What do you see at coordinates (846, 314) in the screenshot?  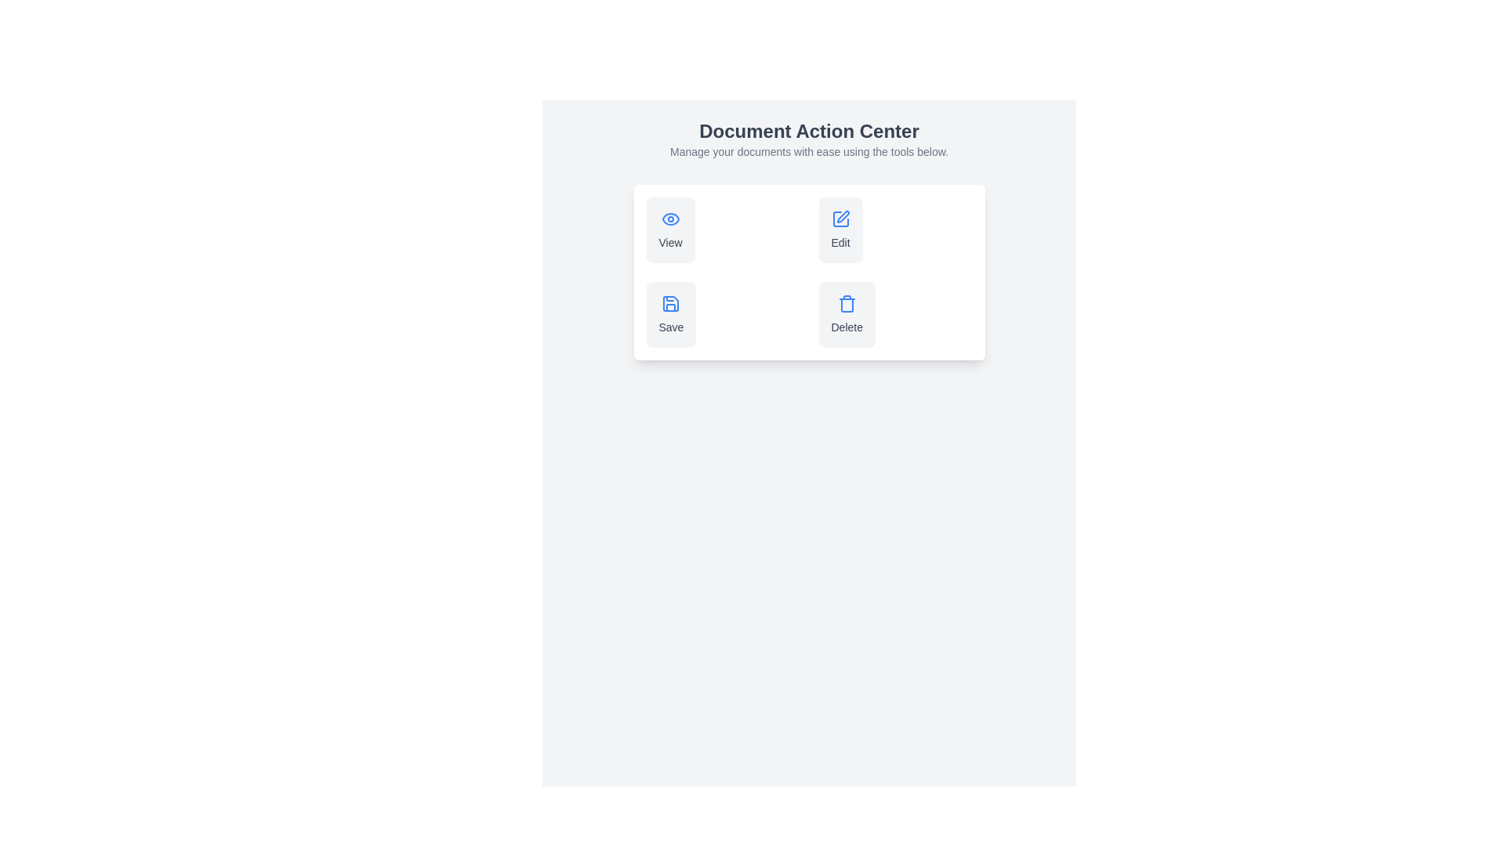 I see `the blue trash bin icon button labeled 'Delete' located in the bottom-right corner of a grid of four buttons within a modal` at bounding box center [846, 314].